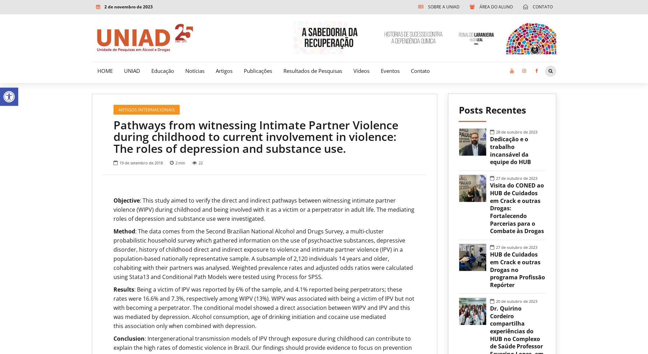 Image resolution: width=648 pixels, height=354 pixels. What do you see at coordinates (496, 131) in the screenshot?
I see `'28 de outubro de 2023'` at bounding box center [496, 131].